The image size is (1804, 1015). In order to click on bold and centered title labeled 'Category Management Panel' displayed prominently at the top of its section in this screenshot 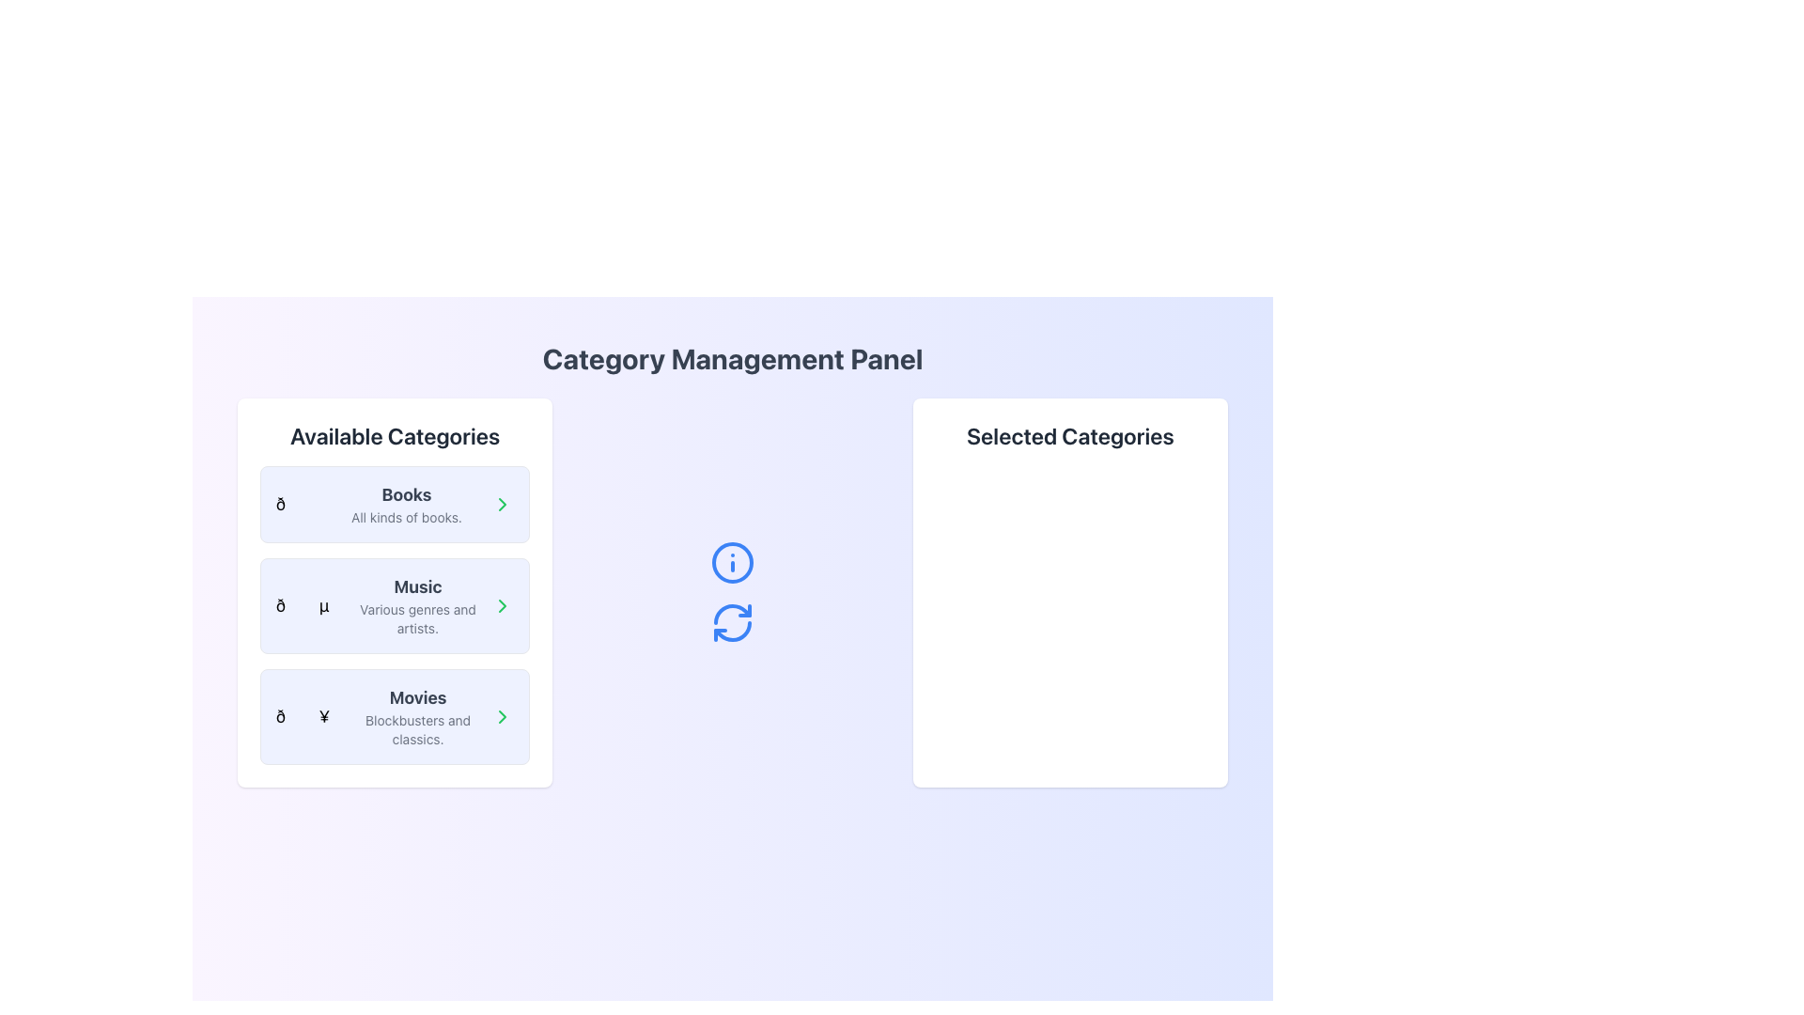, I will do `click(731, 358)`.